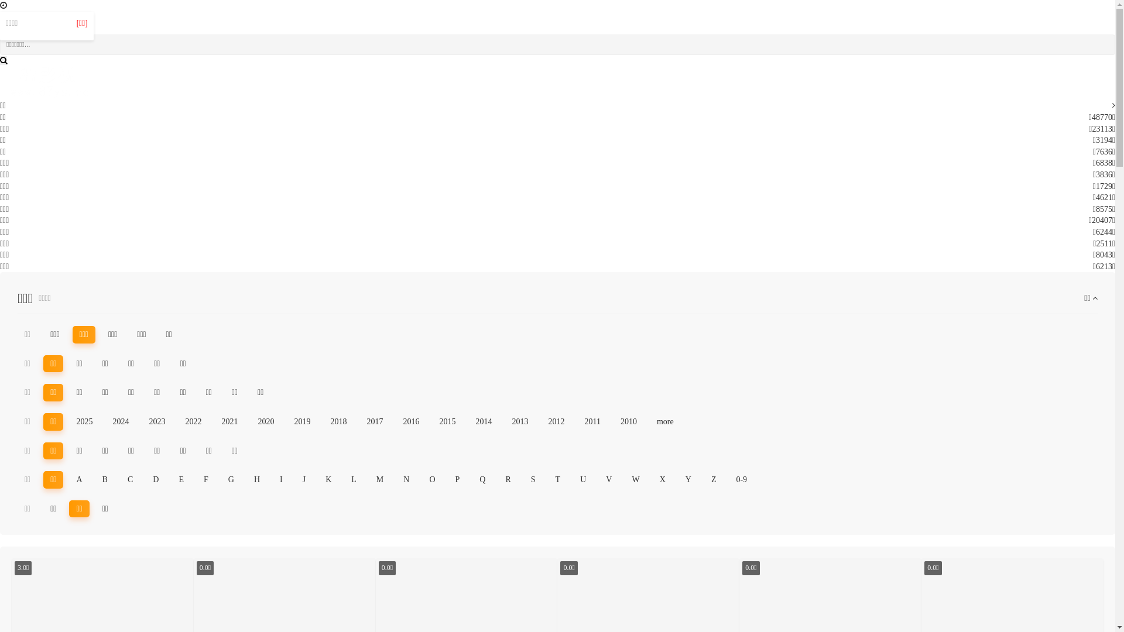 Image resolution: width=1124 pixels, height=632 pixels. What do you see at coordinates (505, 422) in the screenshot?
I see `'2013'` at bounding box center [505, 422].